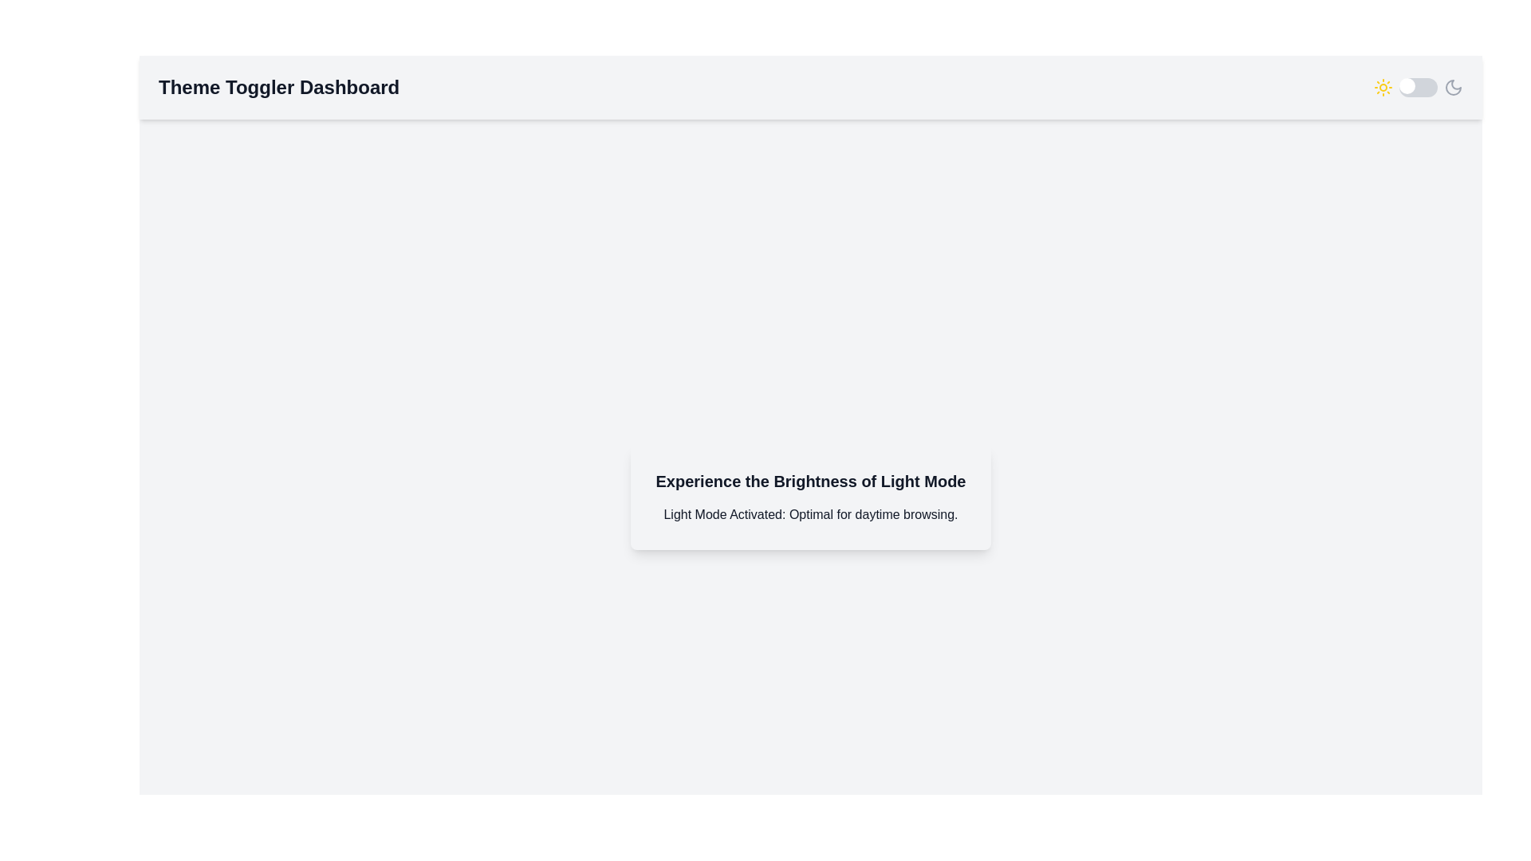 Image resolution: width=1531 pixels, height=861 pixels. What do you see at coordinates (1382, 88) in the screenshot?
I see `light mode theme icon located at the top-right corner of the interface, which is the leftmost icon in a group, preceding a toggle switch and another moon icon` at bounding box center [1382, 88].